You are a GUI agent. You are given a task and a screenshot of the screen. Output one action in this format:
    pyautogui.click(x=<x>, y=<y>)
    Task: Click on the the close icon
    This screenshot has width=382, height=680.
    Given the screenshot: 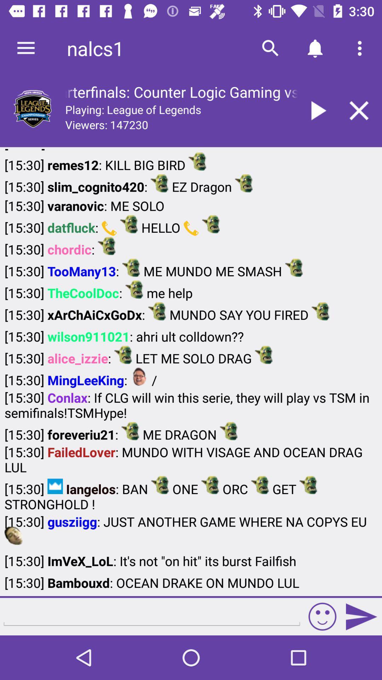 What is the action you would take?
    pyautogui.click(x=359, y=110)
    